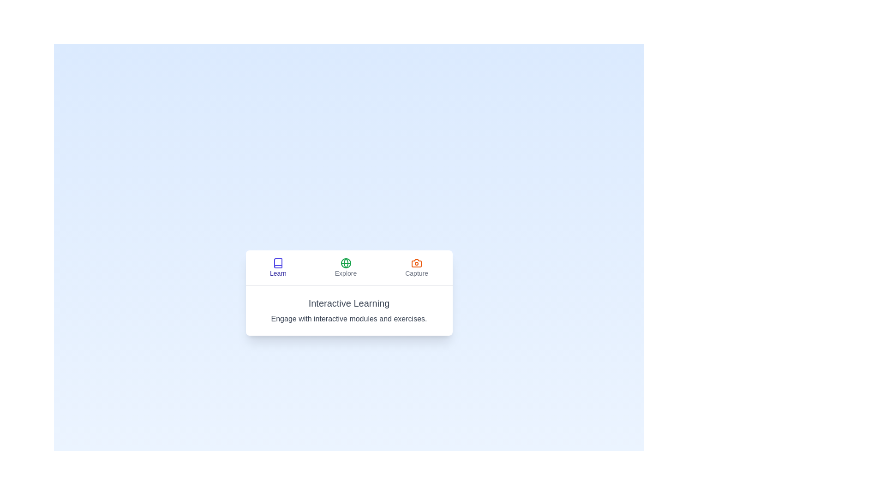 This screenshot has width=886, height=498. Describe the element at coordinates (345, 267) in the screenshot. I see `the tab labeled Explore` at that location.